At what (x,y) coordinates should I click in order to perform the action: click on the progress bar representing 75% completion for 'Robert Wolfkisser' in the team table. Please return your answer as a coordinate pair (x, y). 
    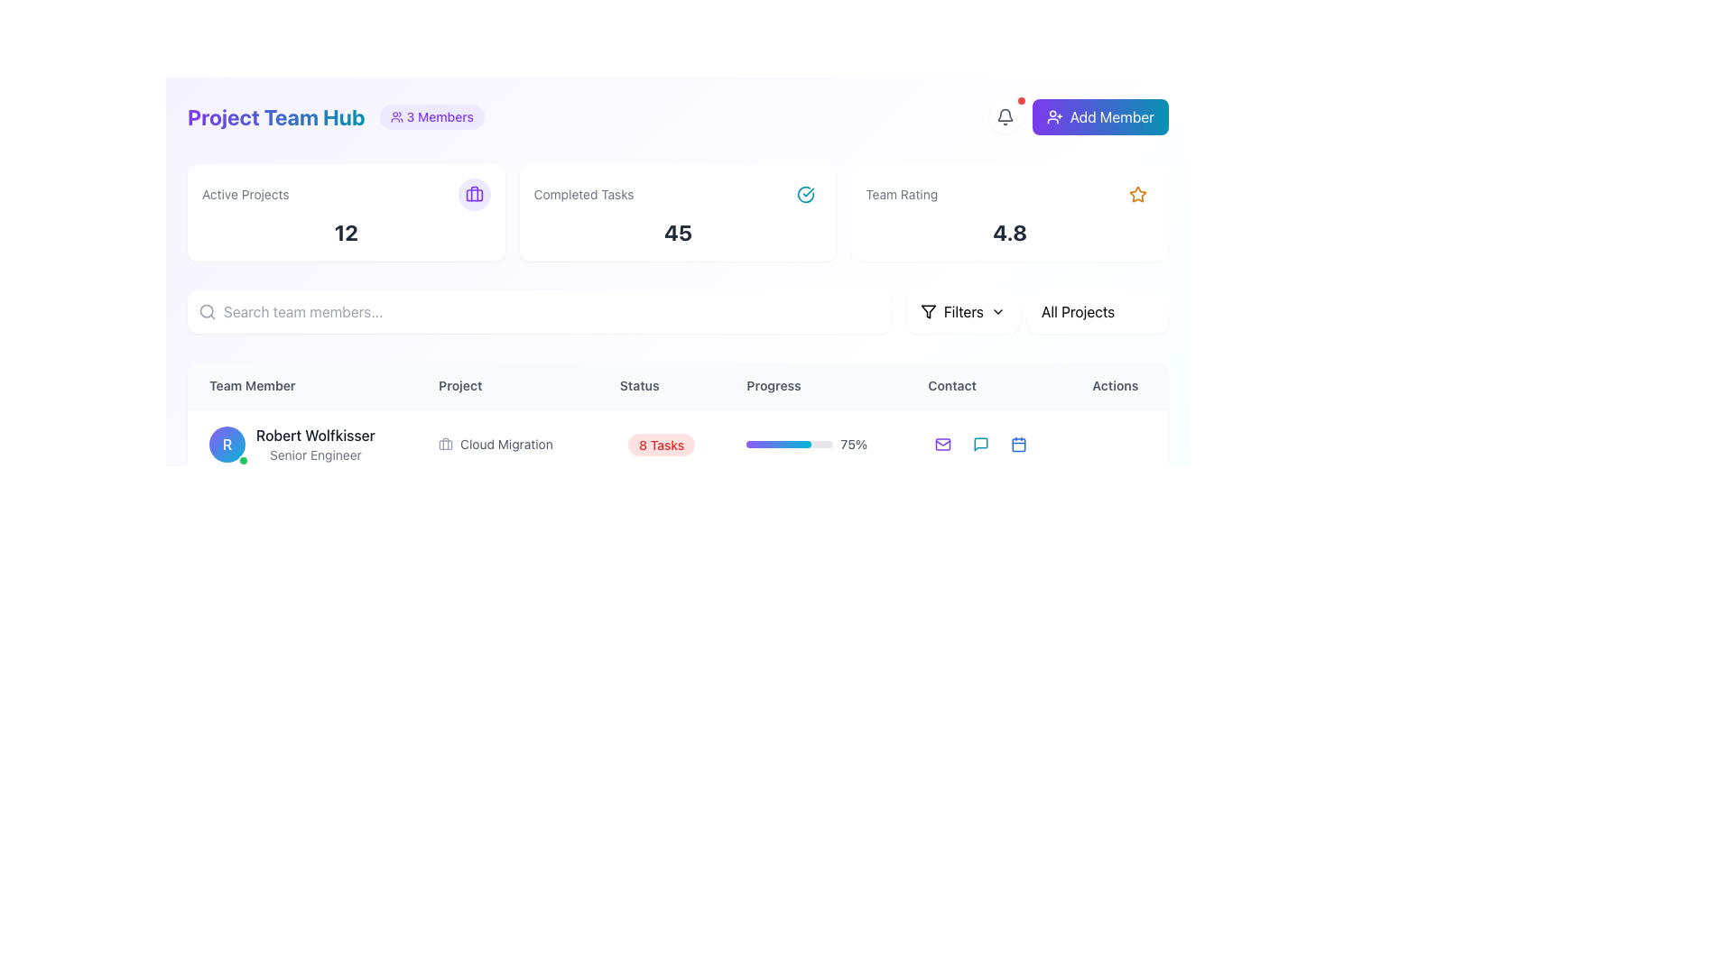
    Looking at the image, I should click on (779, 445).